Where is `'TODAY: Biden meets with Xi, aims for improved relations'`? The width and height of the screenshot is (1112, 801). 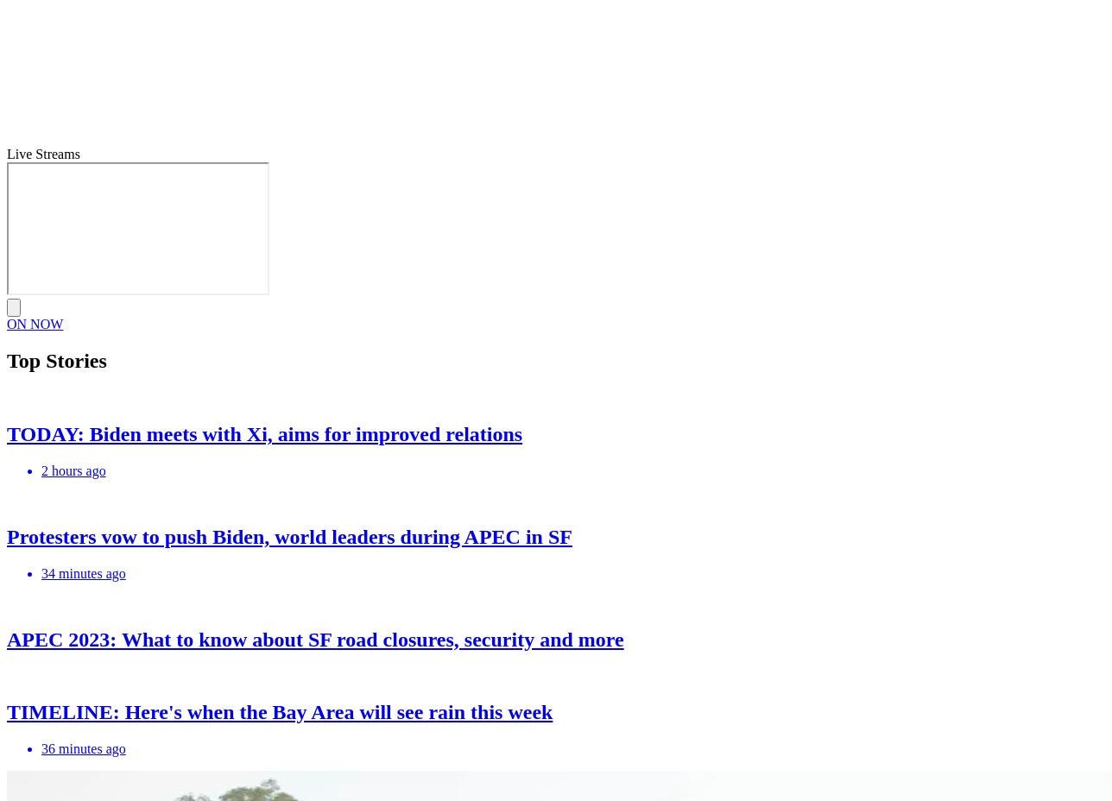
'TODAY: Biden meets with Xi, aims for improved relations' is located at coordinates (264, 432).